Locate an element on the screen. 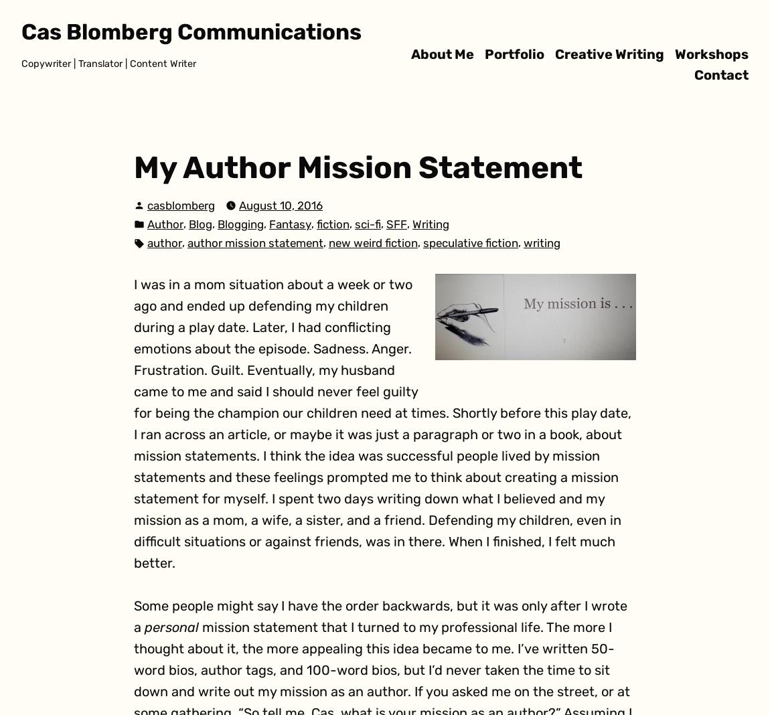 The width and height of the screenshot is (770, 715). 'I was in a mom situation about a week or two ago and ended up defending my children during a play date. Later, I had conflicting emotions about the episode. Sadness. Anger. Frustration. Guilt. Eventually, my husband came to me and said I should never feel guilty for being the champion our children need at times. Shortly before this play date, I ran across an article, or maybe it was just a paragraph or two in a book, about mission statements. I think the idea was successful people lived by mission statements and these feelings prompted me to think about creating a mission statement for myself. I spent two days writing down what I believed and my mission as a mom, a wife, a sister, and a friend. Defending my children, even in difficult situations or against friends, was in there. When I finished, I felt much better.' is located at coordinates (382, 423).